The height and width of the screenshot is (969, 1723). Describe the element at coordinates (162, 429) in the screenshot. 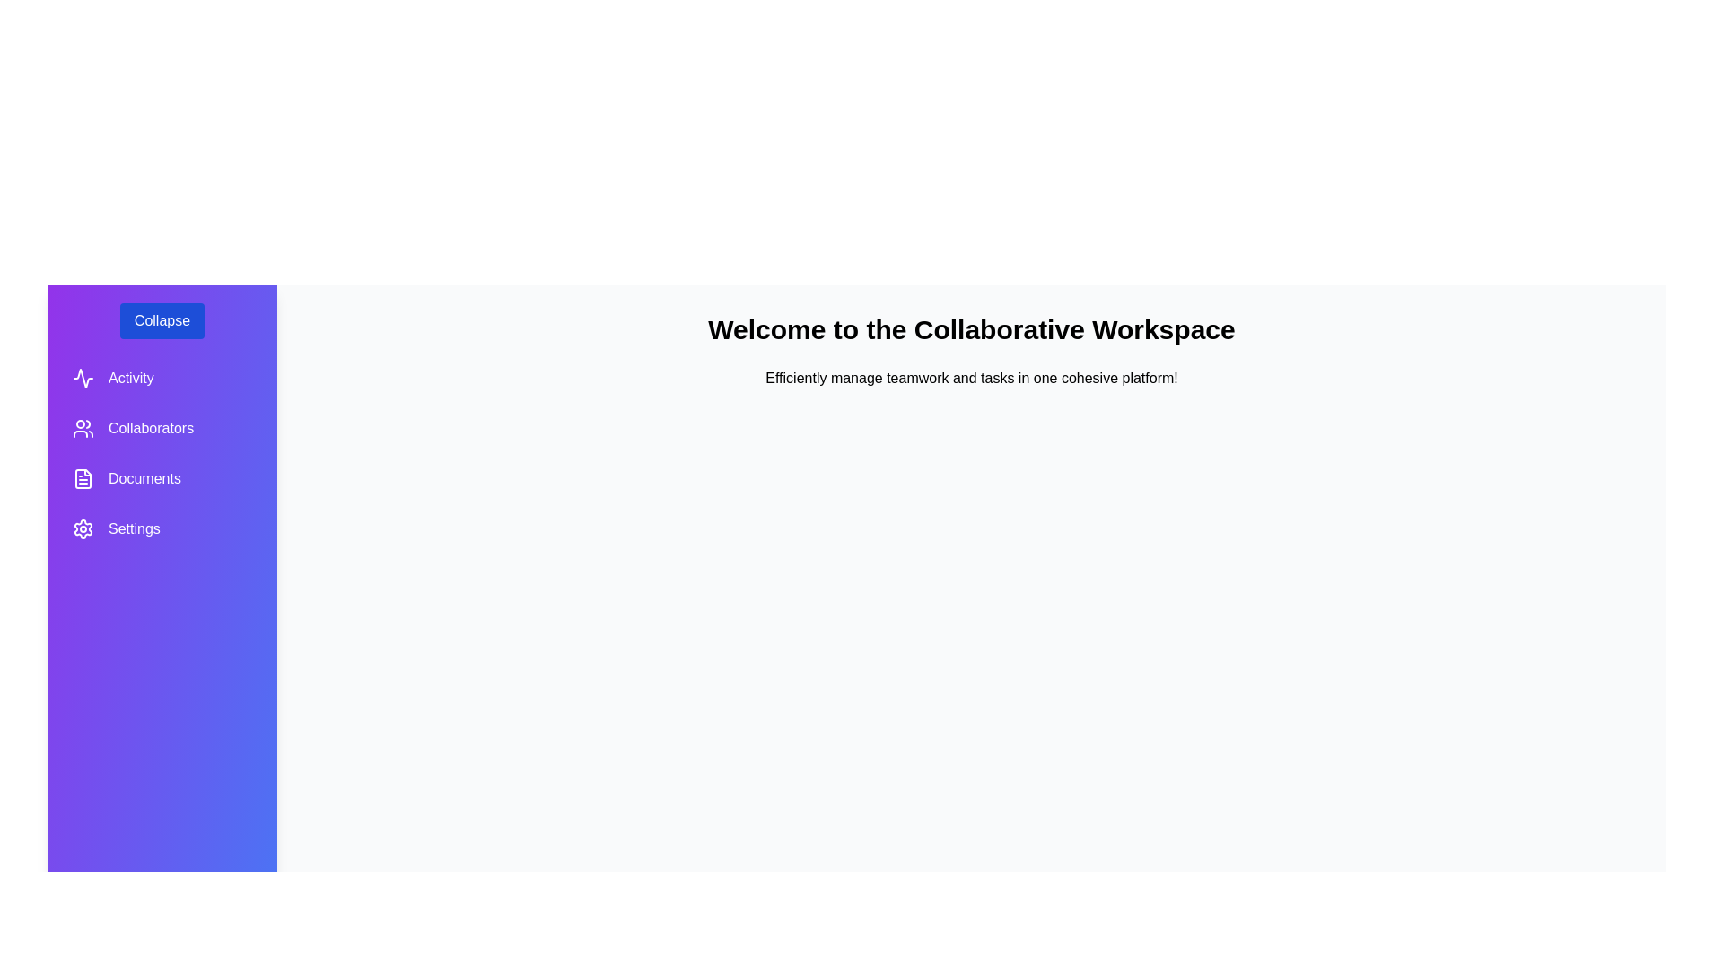

I see `the Collaborators section in the sidebar to navigate to it` at that location.